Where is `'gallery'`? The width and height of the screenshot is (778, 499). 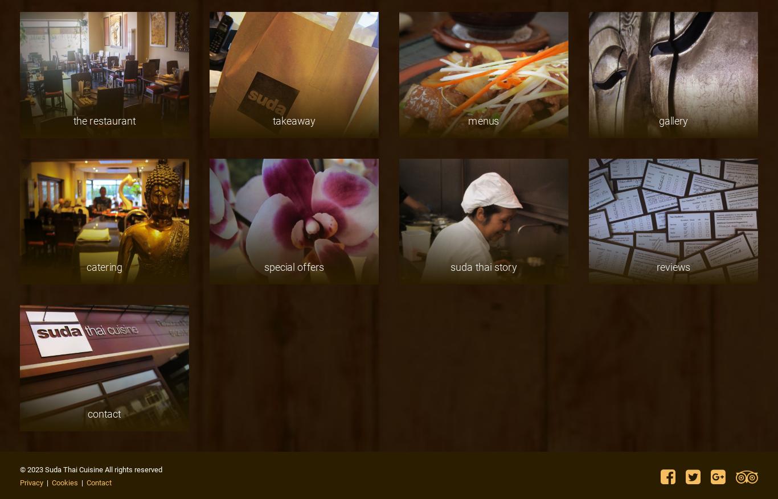
'gallery' is located at coordinates (658, 119).